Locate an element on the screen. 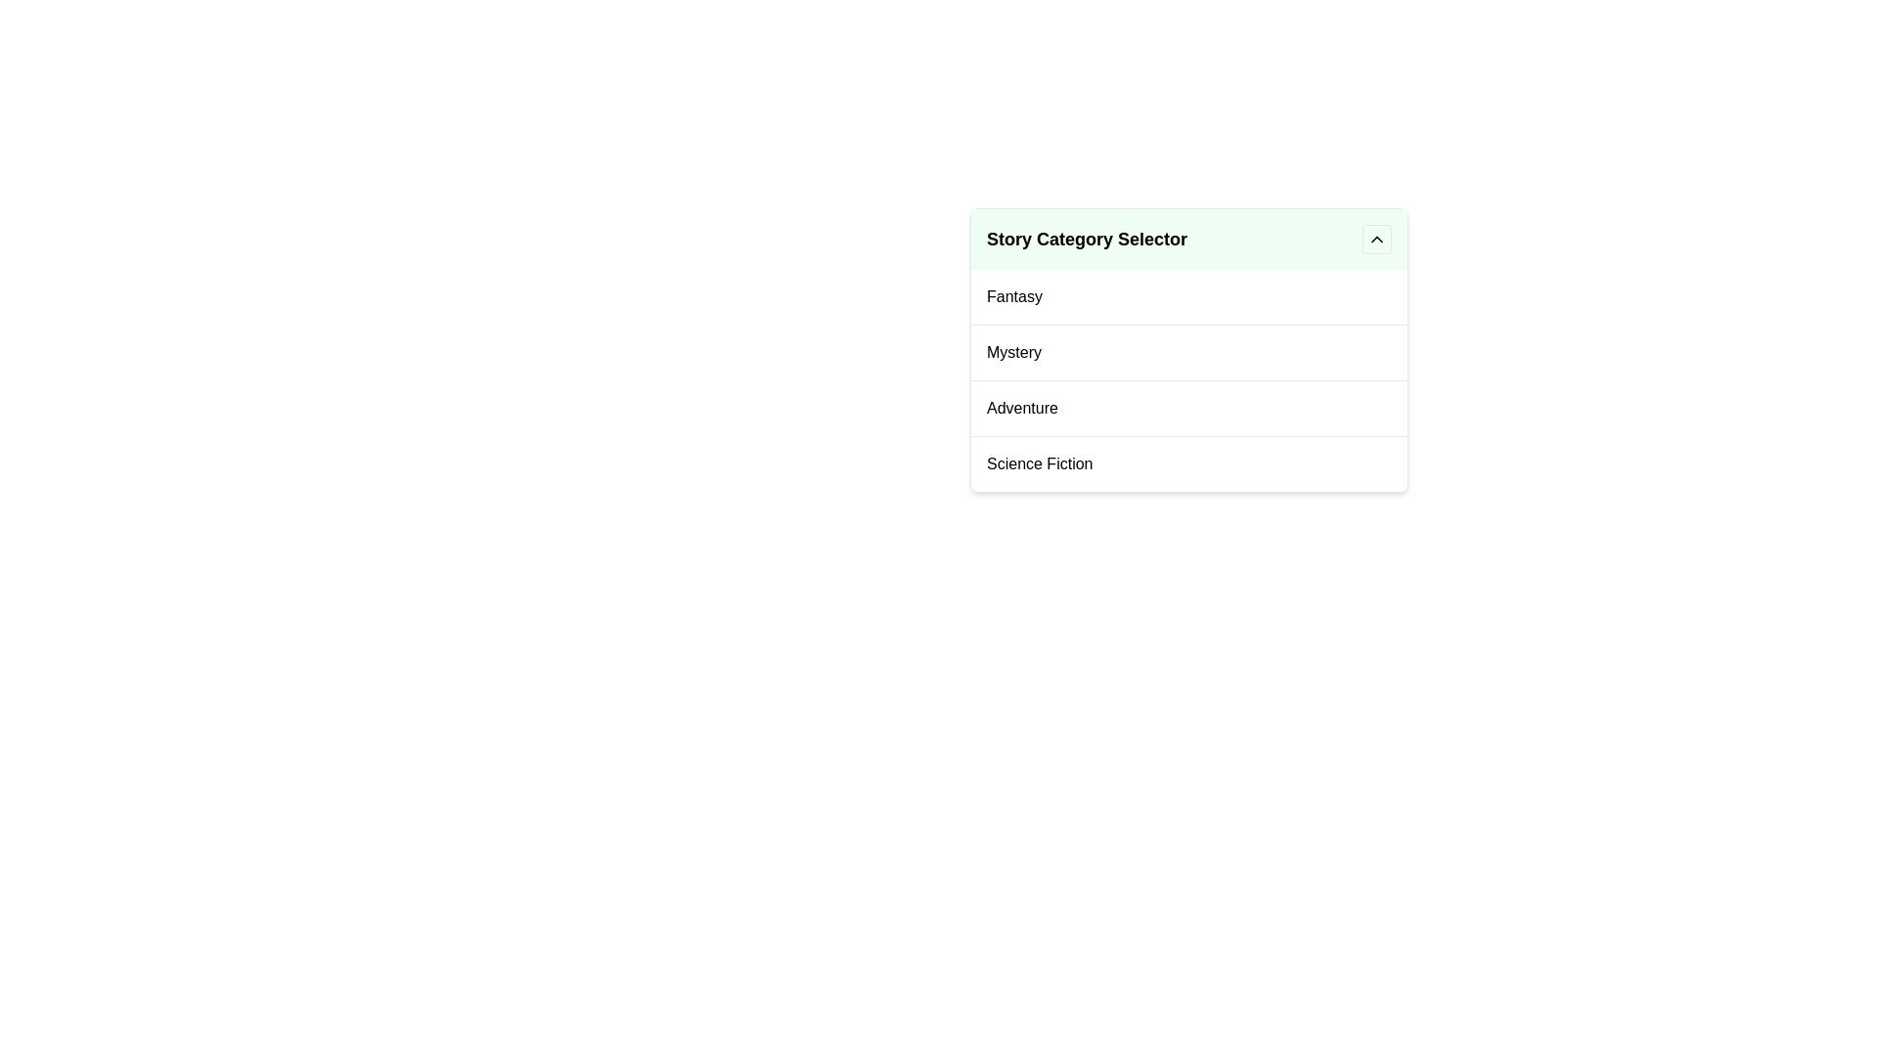  the button located in the top-right corner of the 'Story Category Selector' interface is located at coordinates (1375, 239).